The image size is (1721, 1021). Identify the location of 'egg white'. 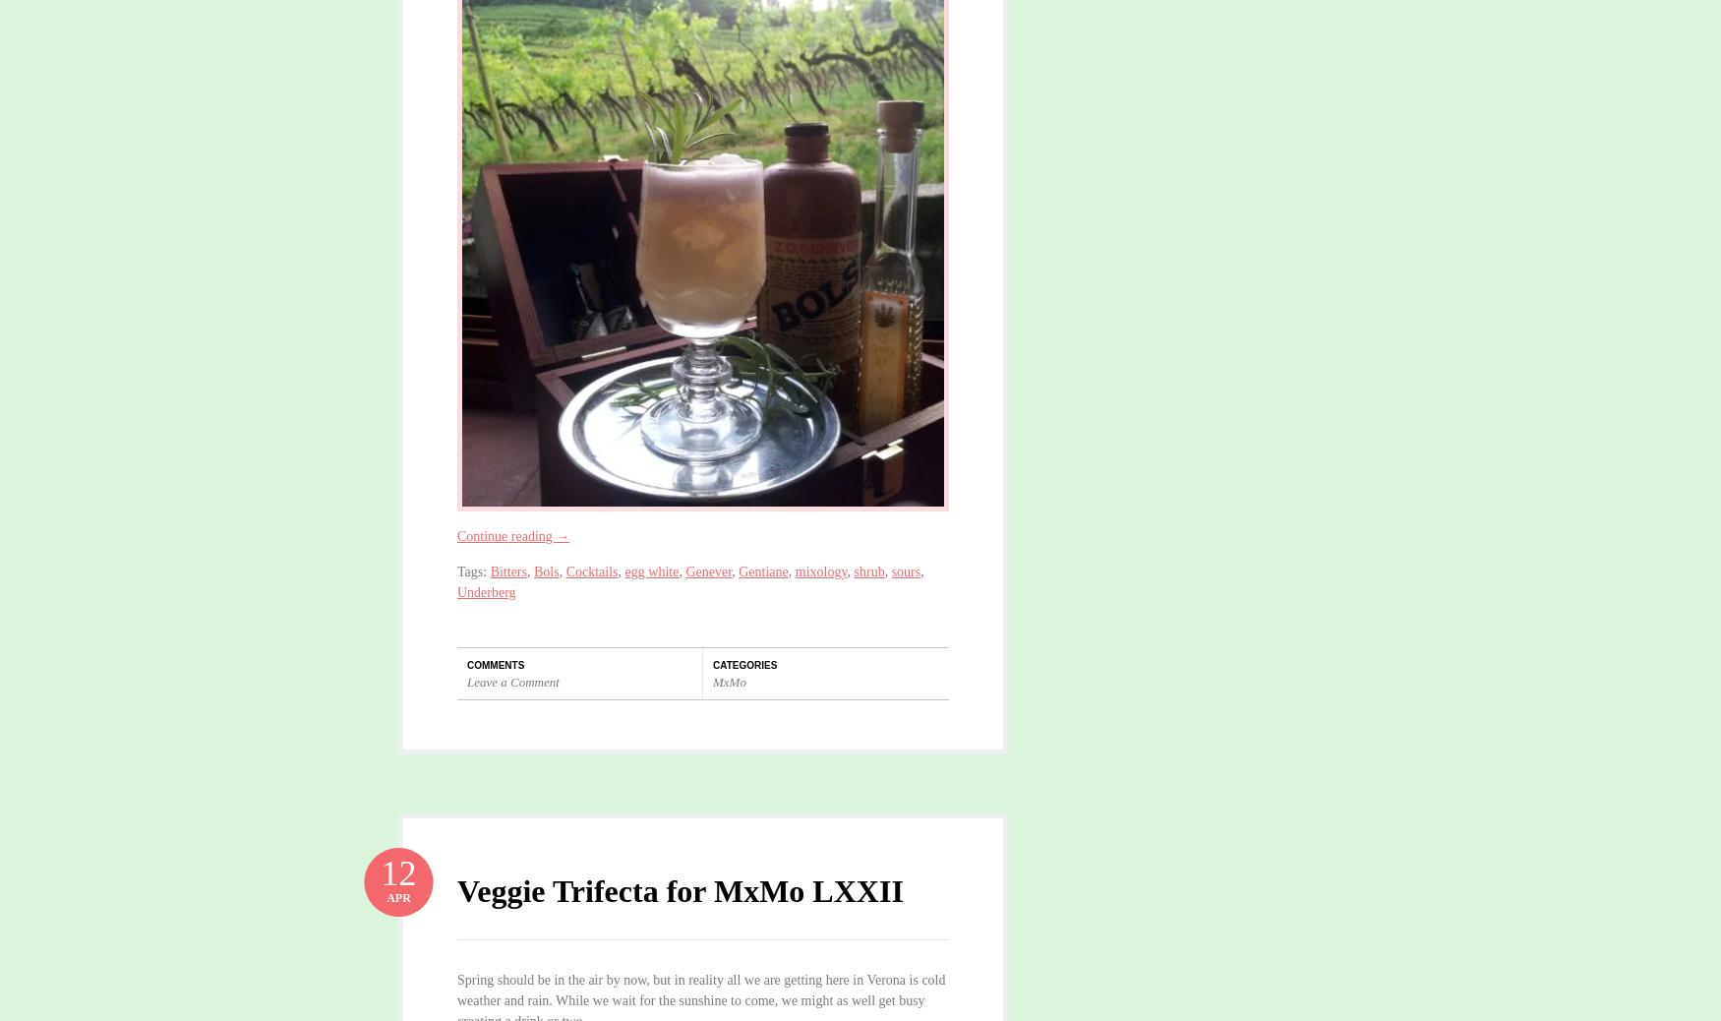
(650, 570).